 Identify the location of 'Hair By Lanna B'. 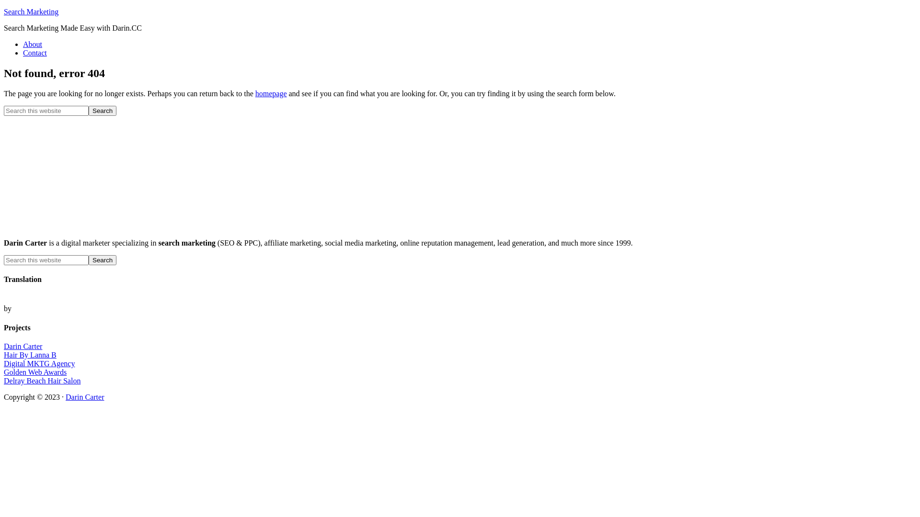
(30, 355).